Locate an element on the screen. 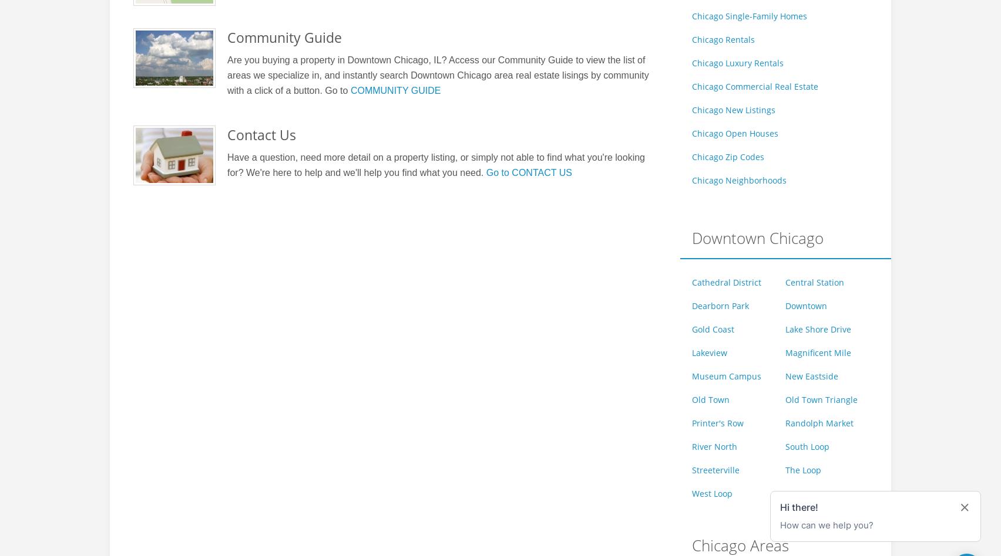  'Chicago New Listings' is located at coordinates (690, 109).